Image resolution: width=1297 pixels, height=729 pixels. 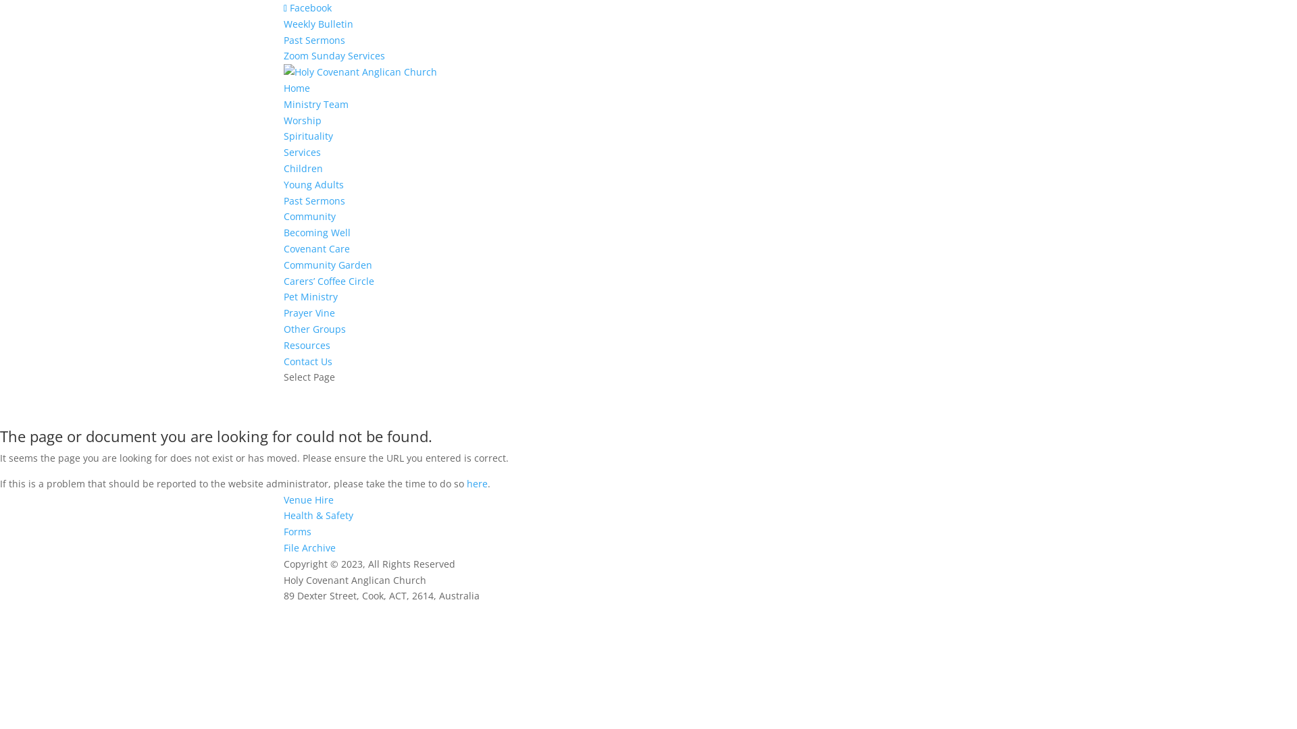 What do you see at coordinates (283, 119) in the screenshot?
I see `'Worship'` at bounding box center [283, 119].